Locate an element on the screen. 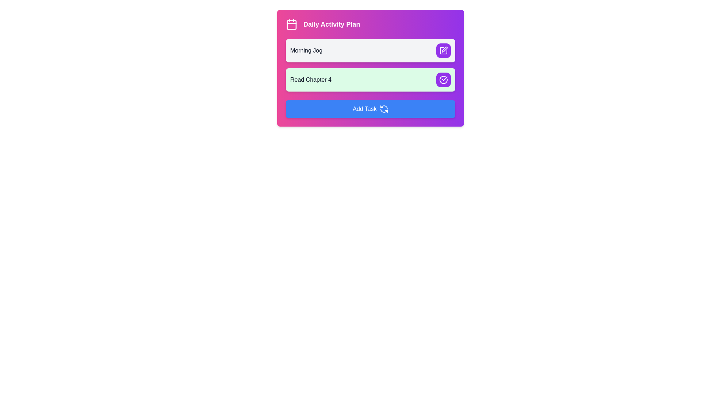  the button with an embedded icon located in the lower card section labeled 'Read Chapter 4' is located at coordinates (443, 80).